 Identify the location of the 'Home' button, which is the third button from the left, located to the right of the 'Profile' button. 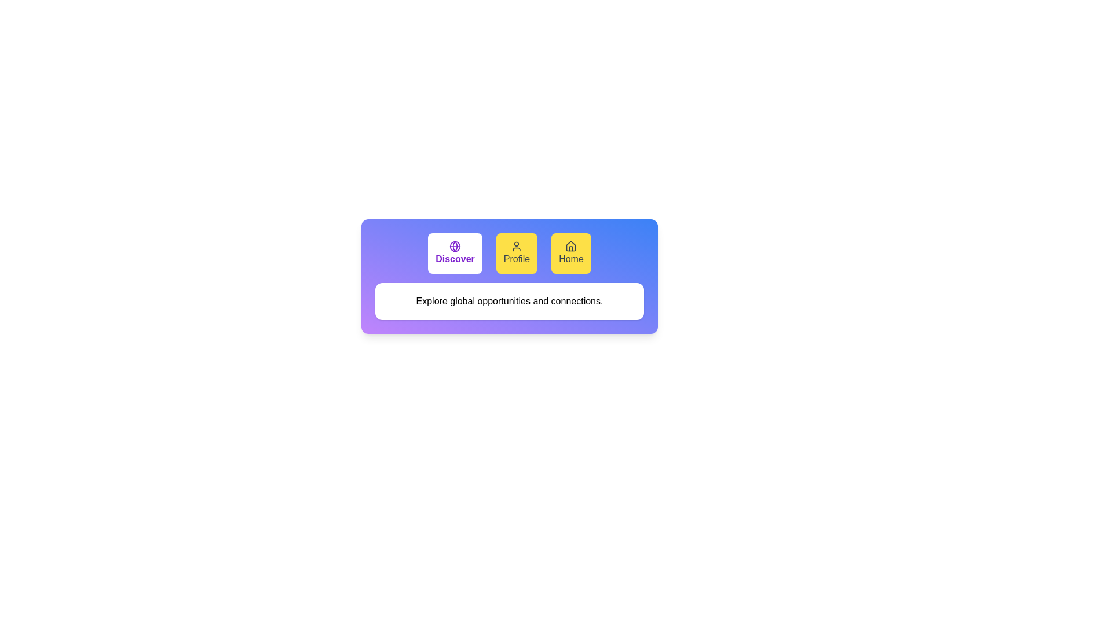
(571, 253).